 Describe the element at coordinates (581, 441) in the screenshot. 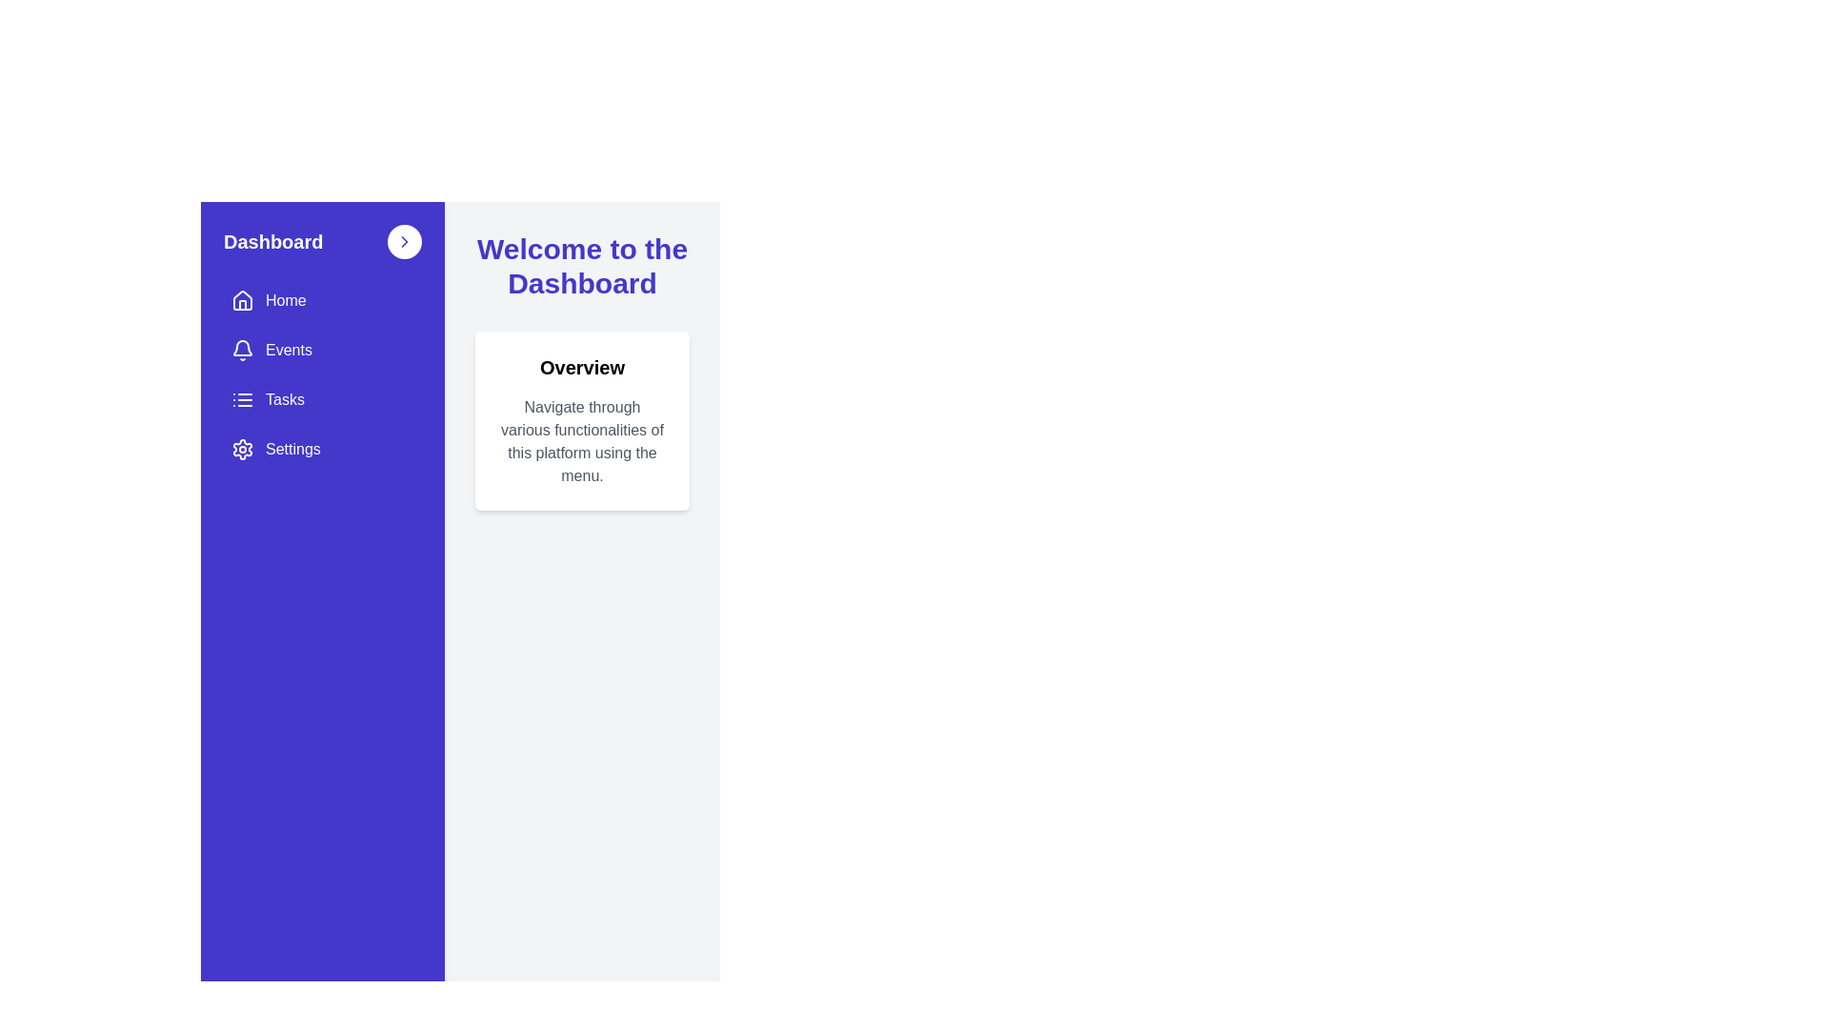

I see `text element styled in medium gray font stating: 'Navigate through various functionalities of this platform using the menu.' This text is located within a white card below the bold-heading 'Overview'` at that location.